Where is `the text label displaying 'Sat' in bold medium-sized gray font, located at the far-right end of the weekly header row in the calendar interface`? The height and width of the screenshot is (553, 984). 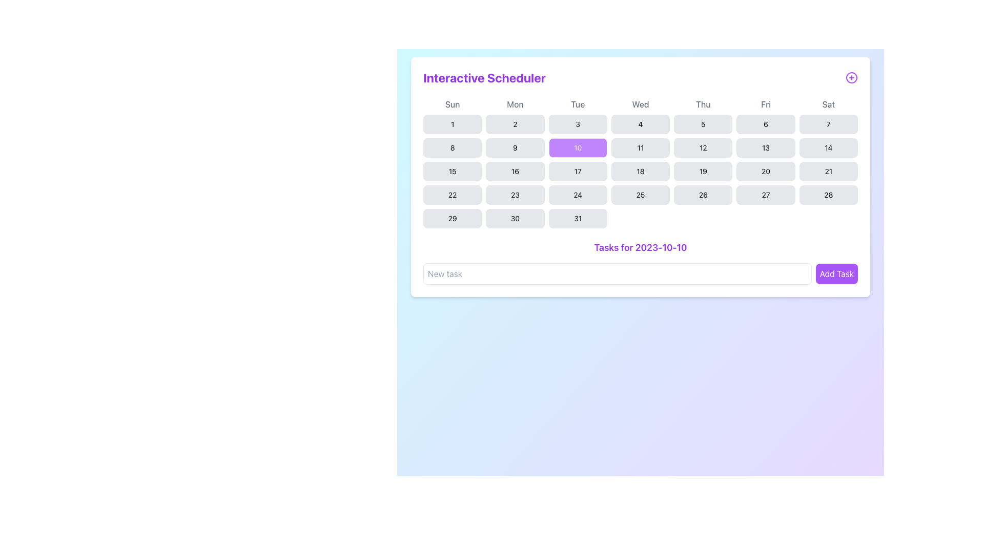 the text label displaying 'Sat' in bold medium-sized gray font, located at the far-right end of the weekly header row in the calendar interface is located at coordinates (828, 104).